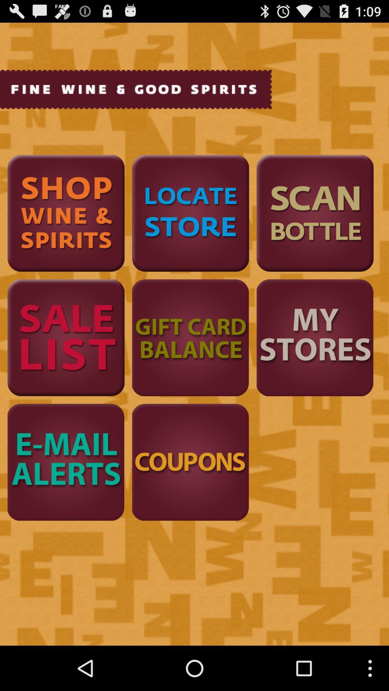 The width and height of the screenshot is (389, 691). What do you see at coordinates (66, 213) in the screenshot?
I see `to find wine and spirits options` at bounding box center [66, 213].